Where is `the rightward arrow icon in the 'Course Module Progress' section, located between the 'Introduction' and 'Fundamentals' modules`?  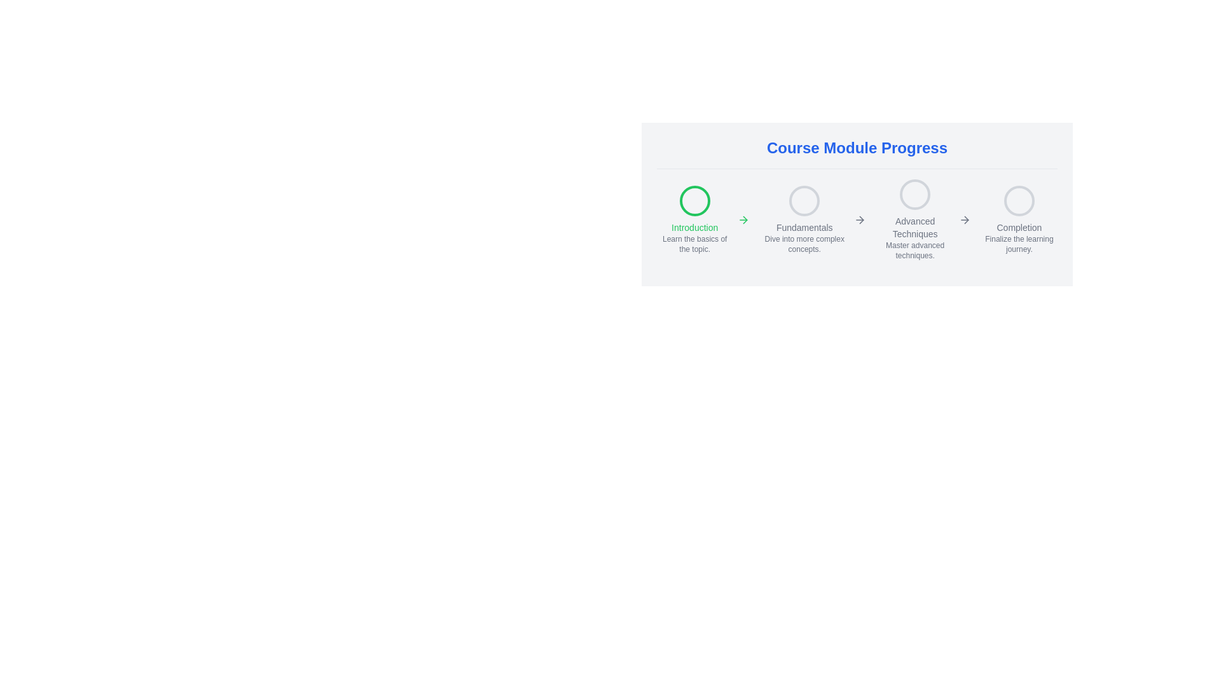 the rightward arrow icon in the 'Course Module Progress' section, located between the 'Introduction' and 'Fundamentals' modules is located at coordinates (745, 219).